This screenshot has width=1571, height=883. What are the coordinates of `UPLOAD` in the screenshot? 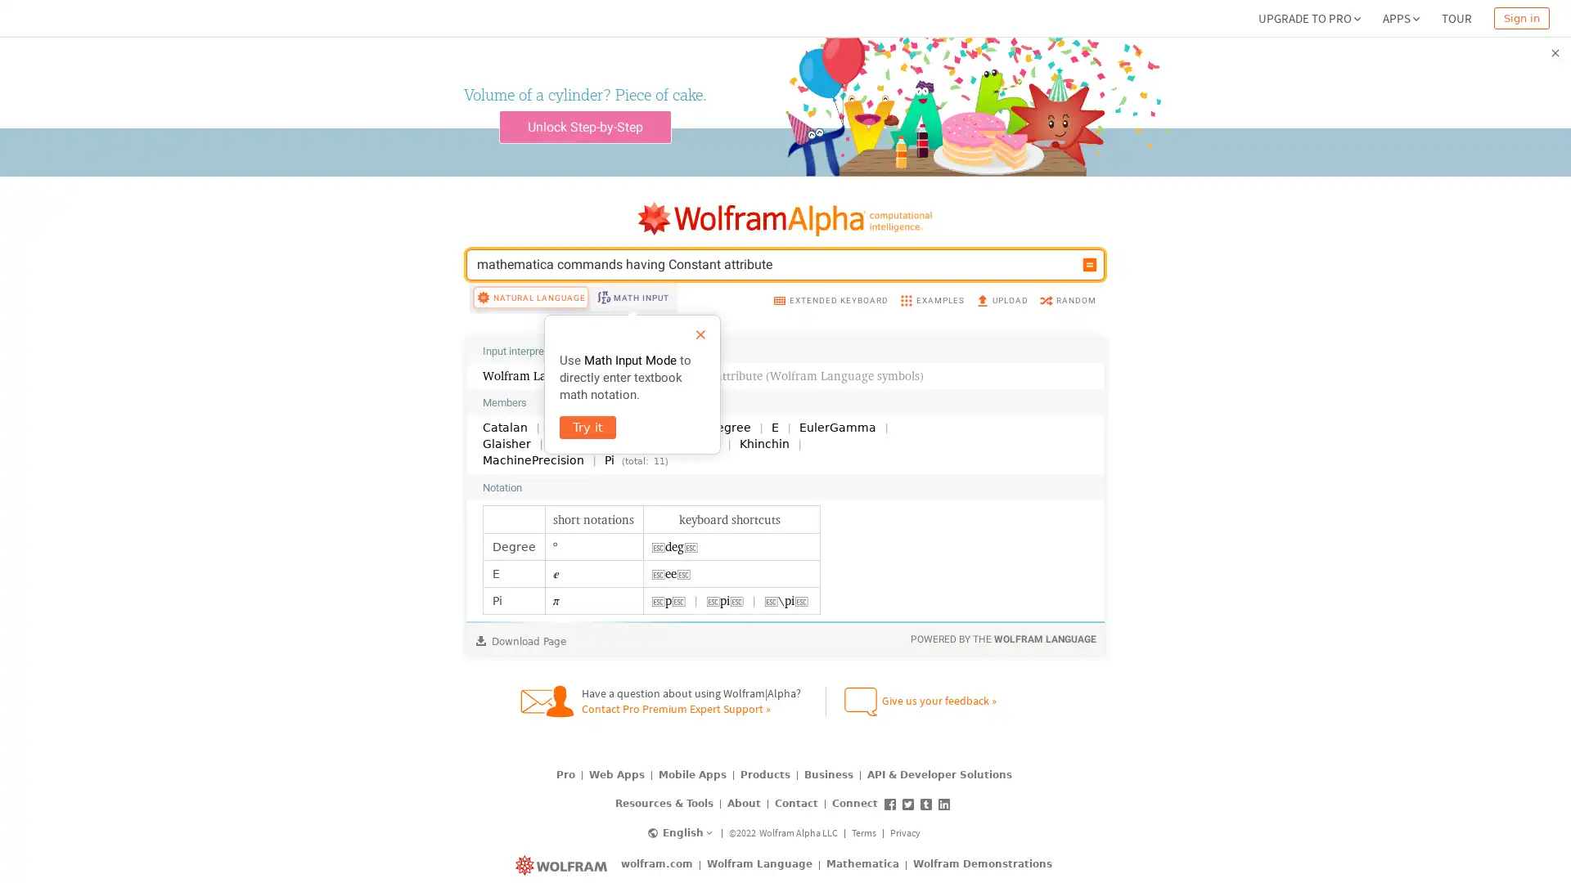 It's located at (1001, 331).